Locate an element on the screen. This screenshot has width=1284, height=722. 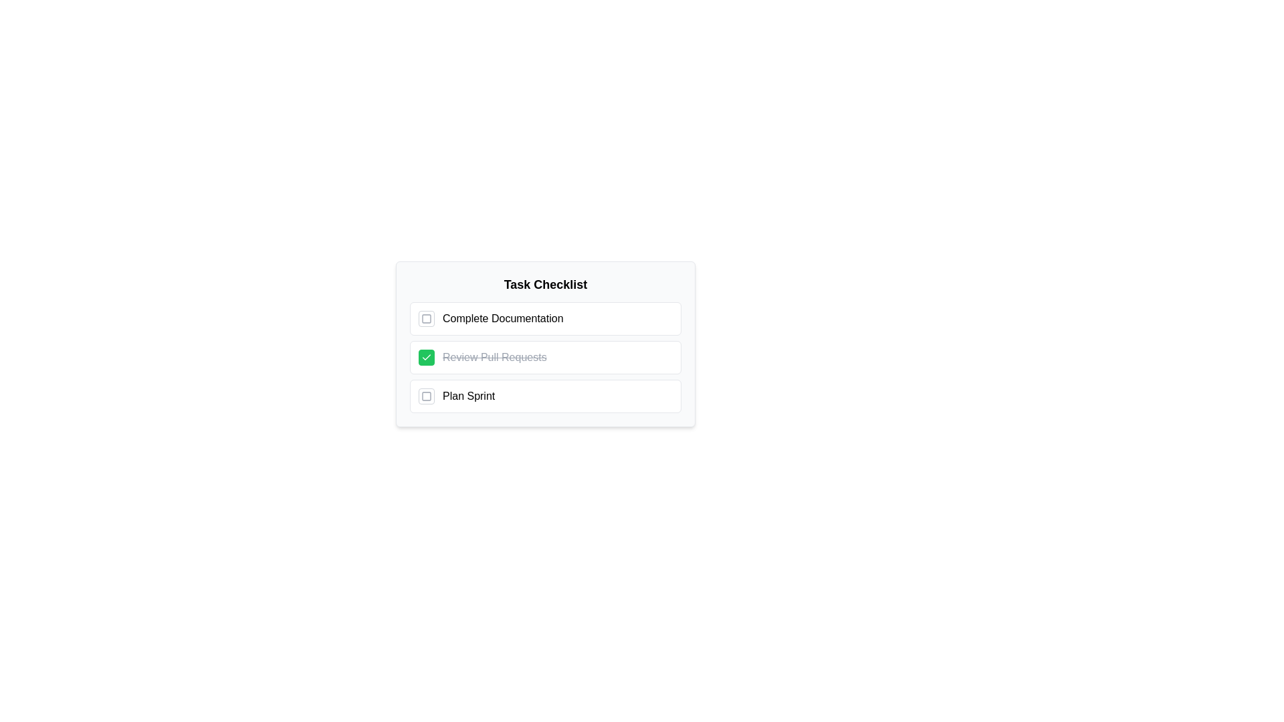
the small square icon with a thin-lined gray outline located within the 'Plan Sprint' button in the checklist interface is located at coordinates (426, 396).